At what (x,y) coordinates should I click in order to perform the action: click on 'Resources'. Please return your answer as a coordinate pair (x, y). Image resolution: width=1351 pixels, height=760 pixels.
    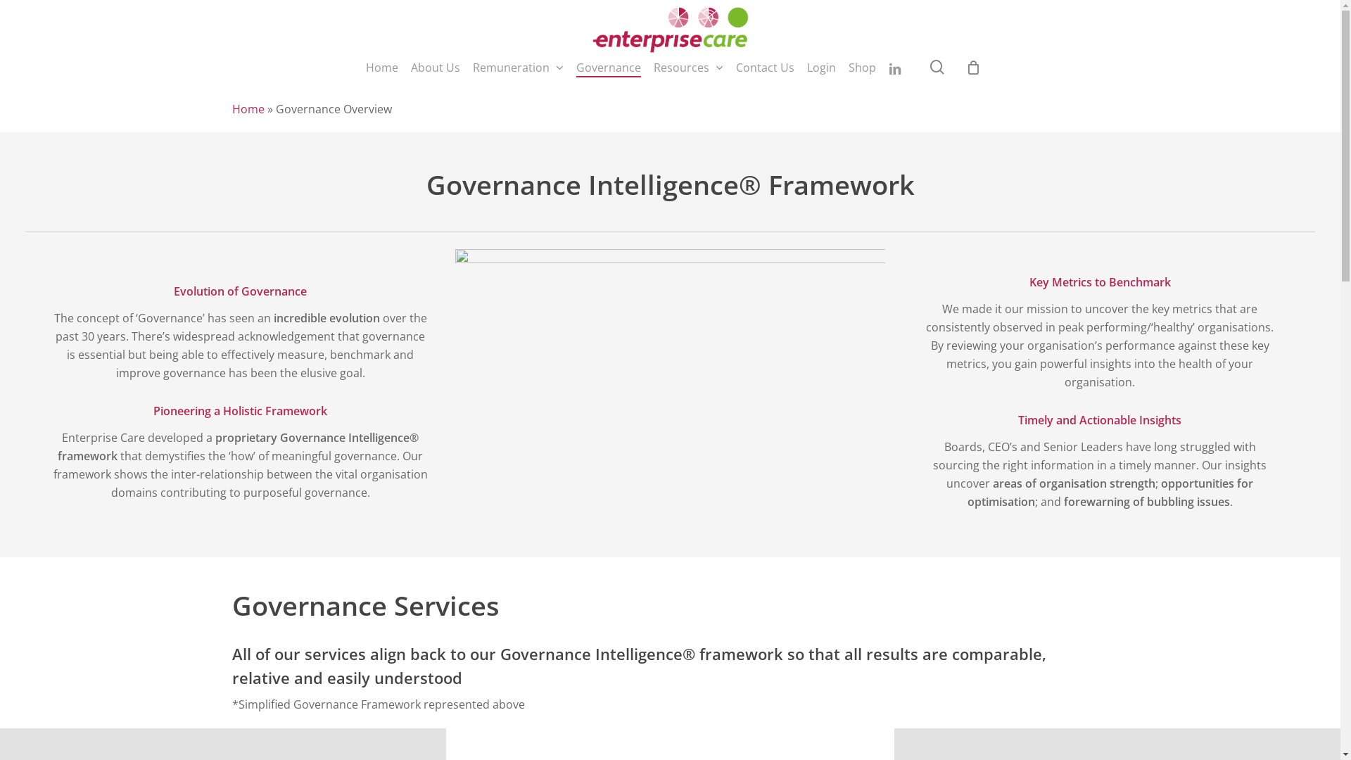
    Looking at the image, I should click on (688, 68).